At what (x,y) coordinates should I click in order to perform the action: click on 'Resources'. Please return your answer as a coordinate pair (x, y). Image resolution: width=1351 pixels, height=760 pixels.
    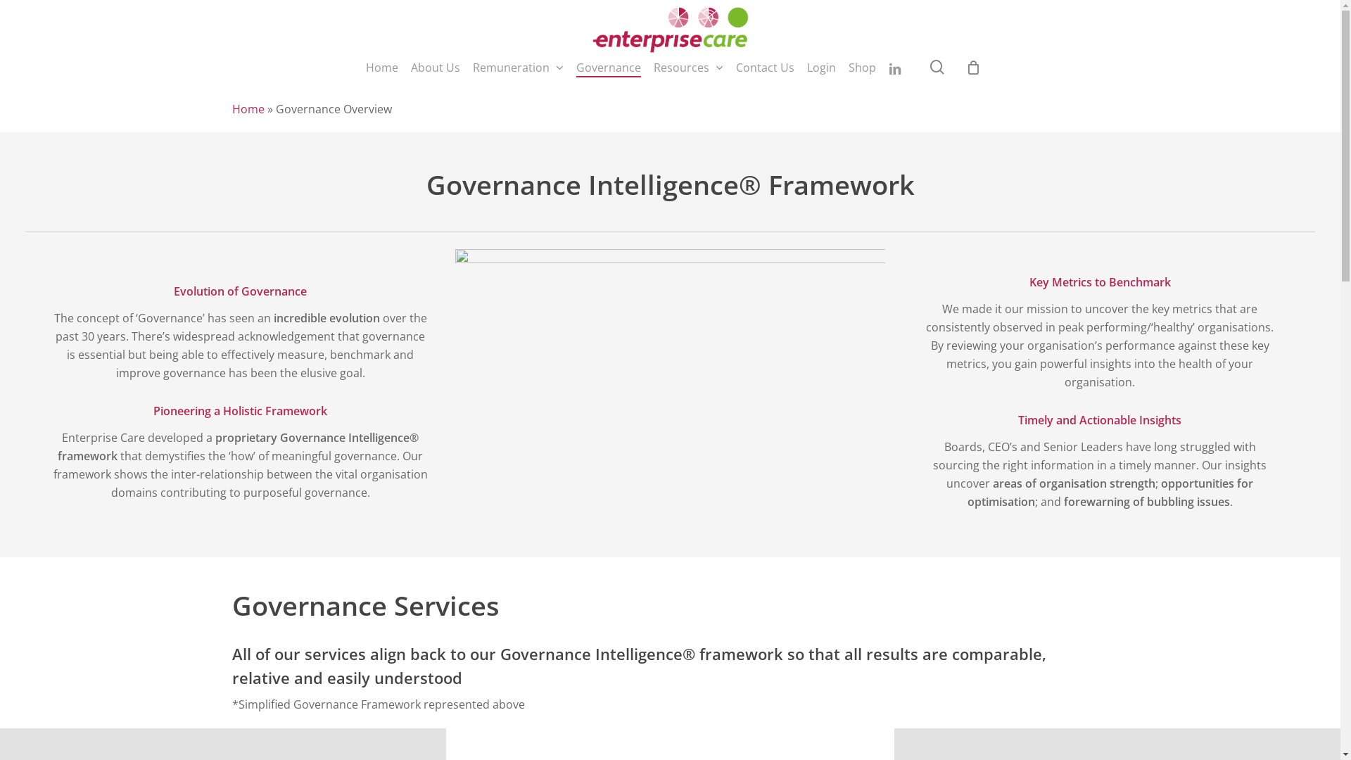
    Looking at the image, I should click on (688, 68).